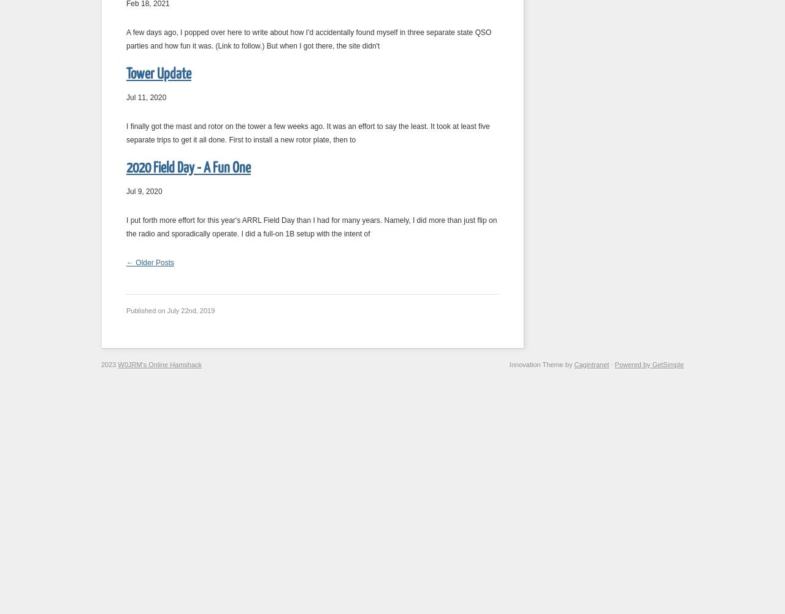  Describe the element at coordinates (144, 192) in the screenshot. I see `'Jul  9, 2020'` at that location.